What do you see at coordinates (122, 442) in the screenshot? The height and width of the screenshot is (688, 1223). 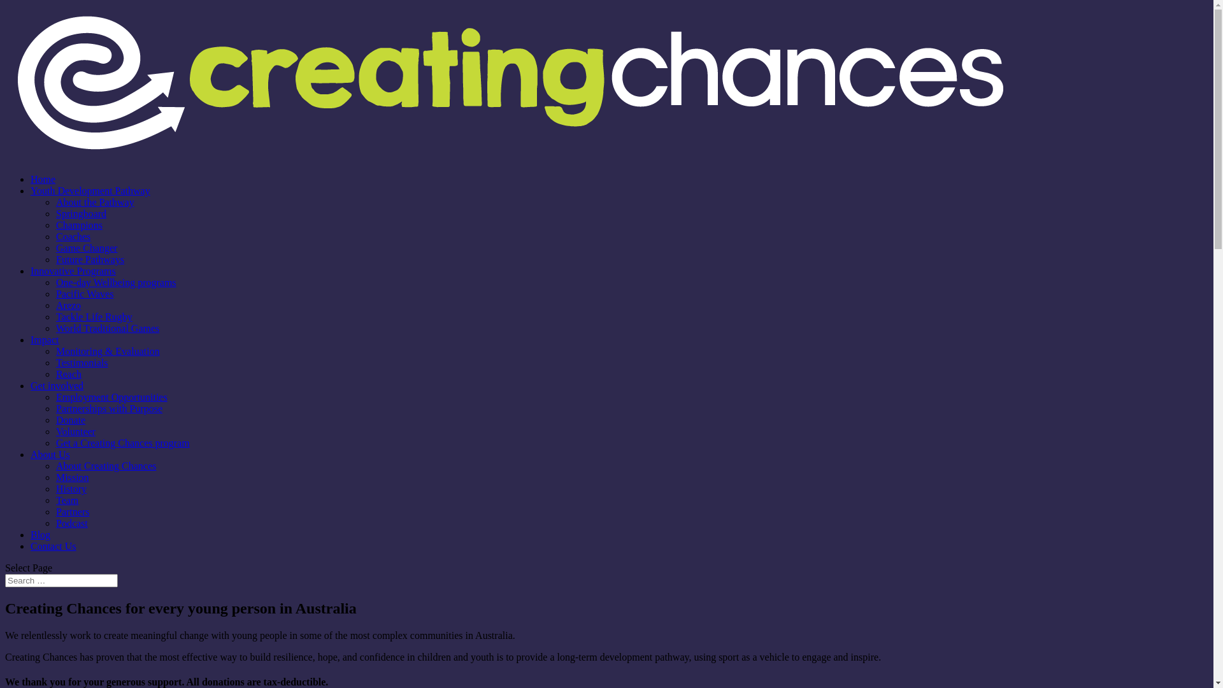 I see `'Get a Creating Chances program'` at bounding box center [122, 442].